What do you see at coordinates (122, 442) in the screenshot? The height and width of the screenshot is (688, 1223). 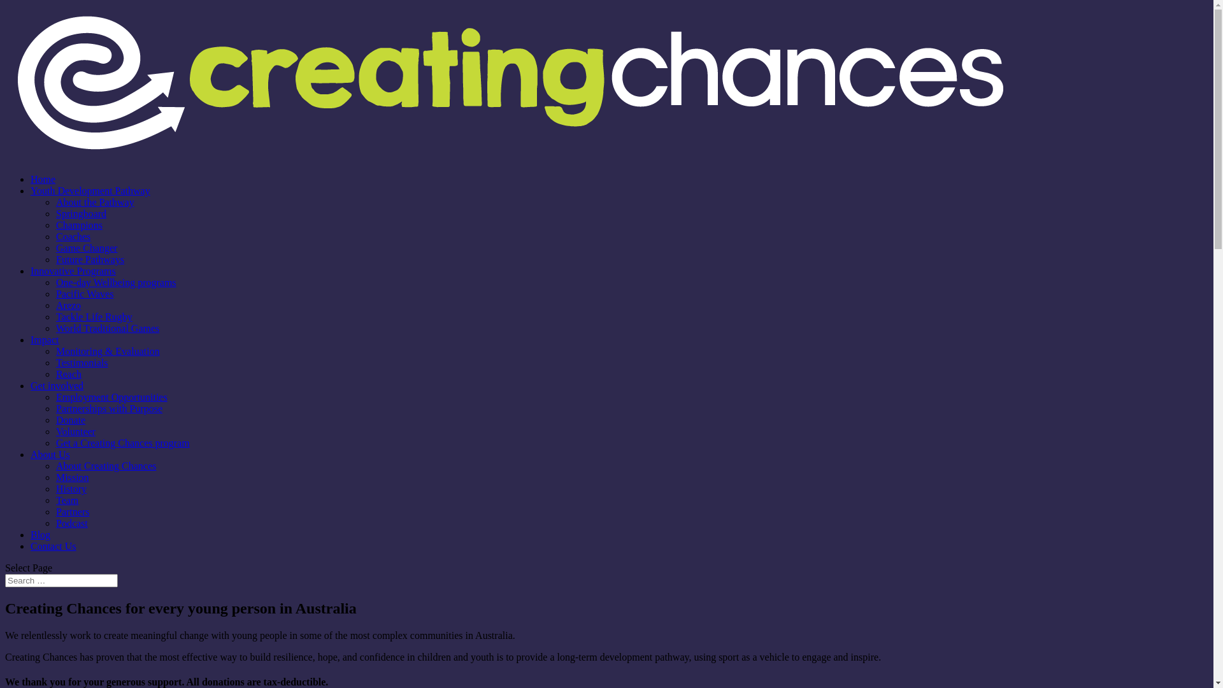 I see `'Get a Creating Chances program'` at bounding box center [122, 442].